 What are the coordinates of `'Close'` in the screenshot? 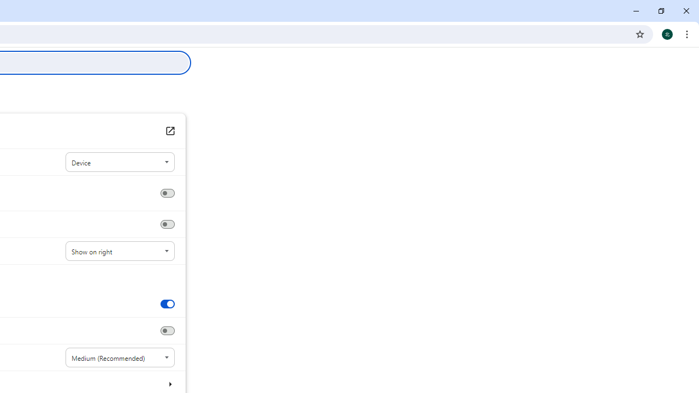 It's located at (685, 11).